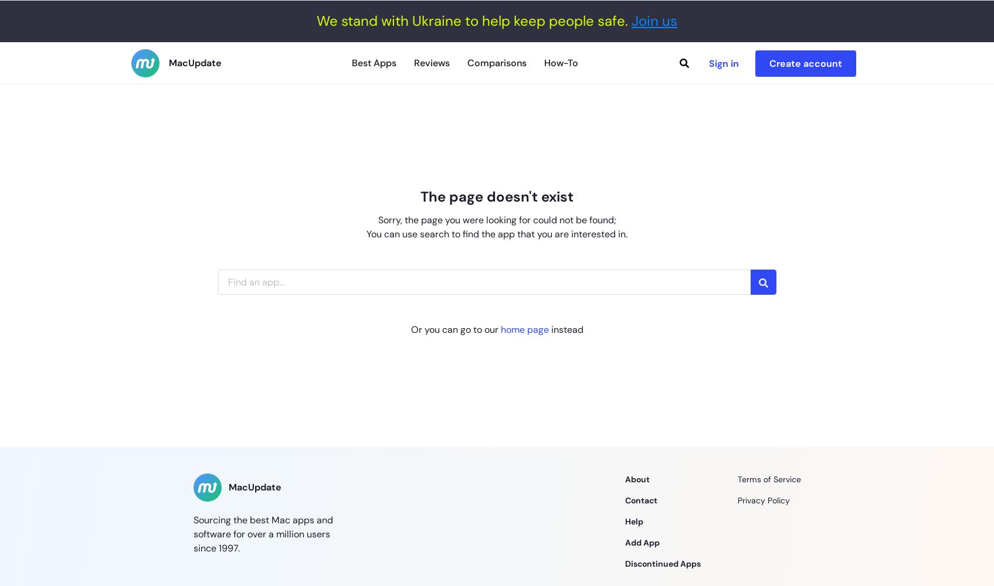  I want to click on 'Sorry, the page you were looking for could not be found;', so click(496, 220).